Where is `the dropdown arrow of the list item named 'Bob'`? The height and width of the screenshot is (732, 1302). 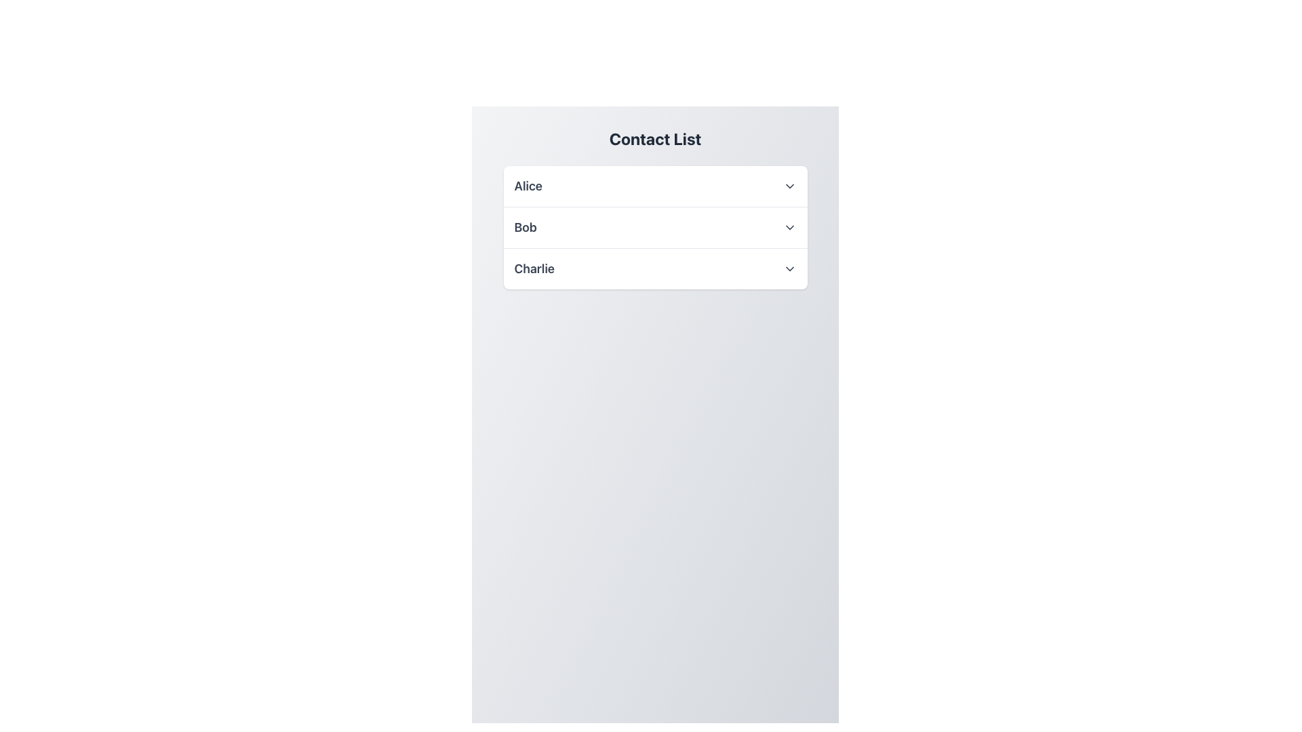
the dropdown arrow of the list item named 'Bob' is located at coordinates (655, 226).